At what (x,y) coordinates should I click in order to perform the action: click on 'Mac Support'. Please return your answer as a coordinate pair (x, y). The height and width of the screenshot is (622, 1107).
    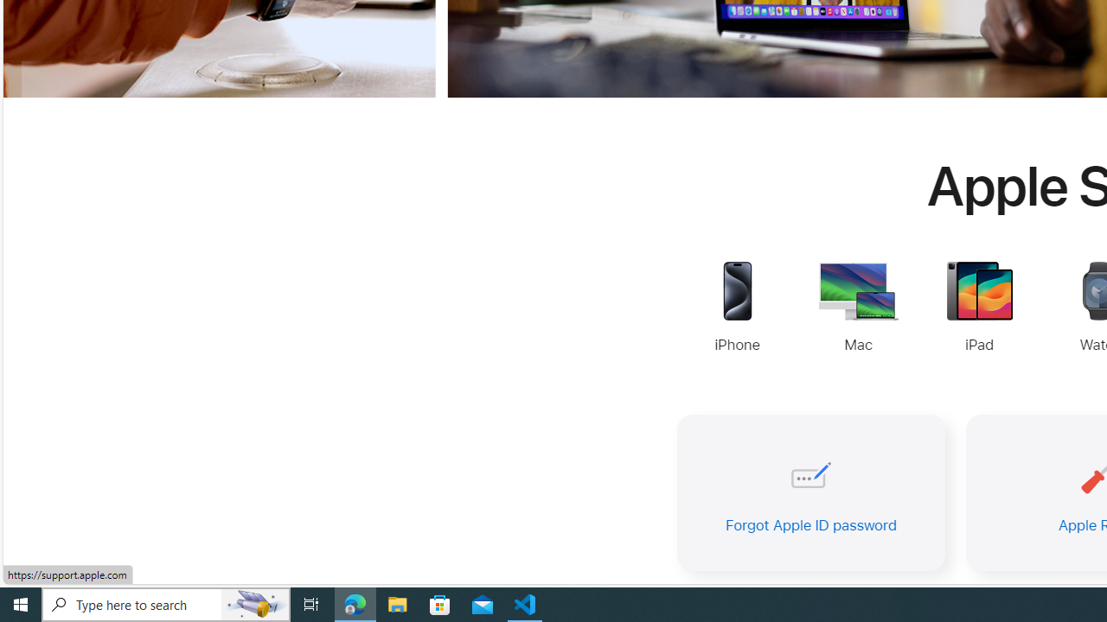
    Looking at the image, I should click on (858, 308).